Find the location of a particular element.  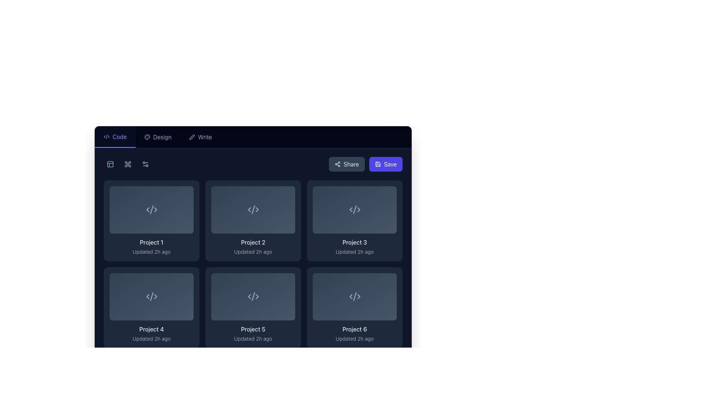

the left-facing chevron icon representing the XML code in the top-left project card labeled 'Project 1' is located at coordinates (147, 210).